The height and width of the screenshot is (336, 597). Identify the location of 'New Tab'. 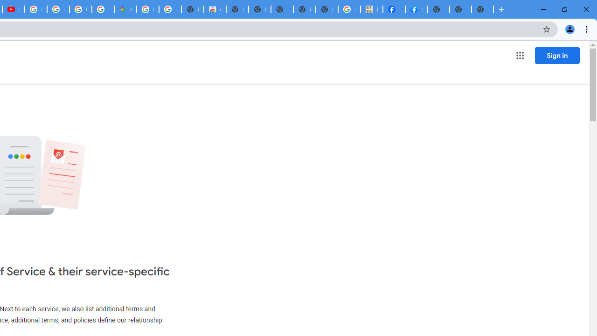
(482, 9).